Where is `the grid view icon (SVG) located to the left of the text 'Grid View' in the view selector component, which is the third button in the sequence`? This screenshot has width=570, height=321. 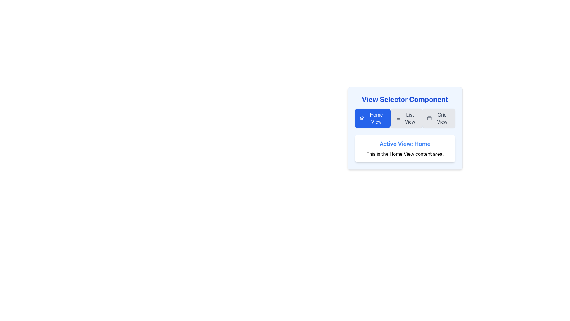 the grid view icon (SVG) located to the left of the text 'Grid View' in the view selector component, which is the third button in the sequence is located at coordinates (429, 118).